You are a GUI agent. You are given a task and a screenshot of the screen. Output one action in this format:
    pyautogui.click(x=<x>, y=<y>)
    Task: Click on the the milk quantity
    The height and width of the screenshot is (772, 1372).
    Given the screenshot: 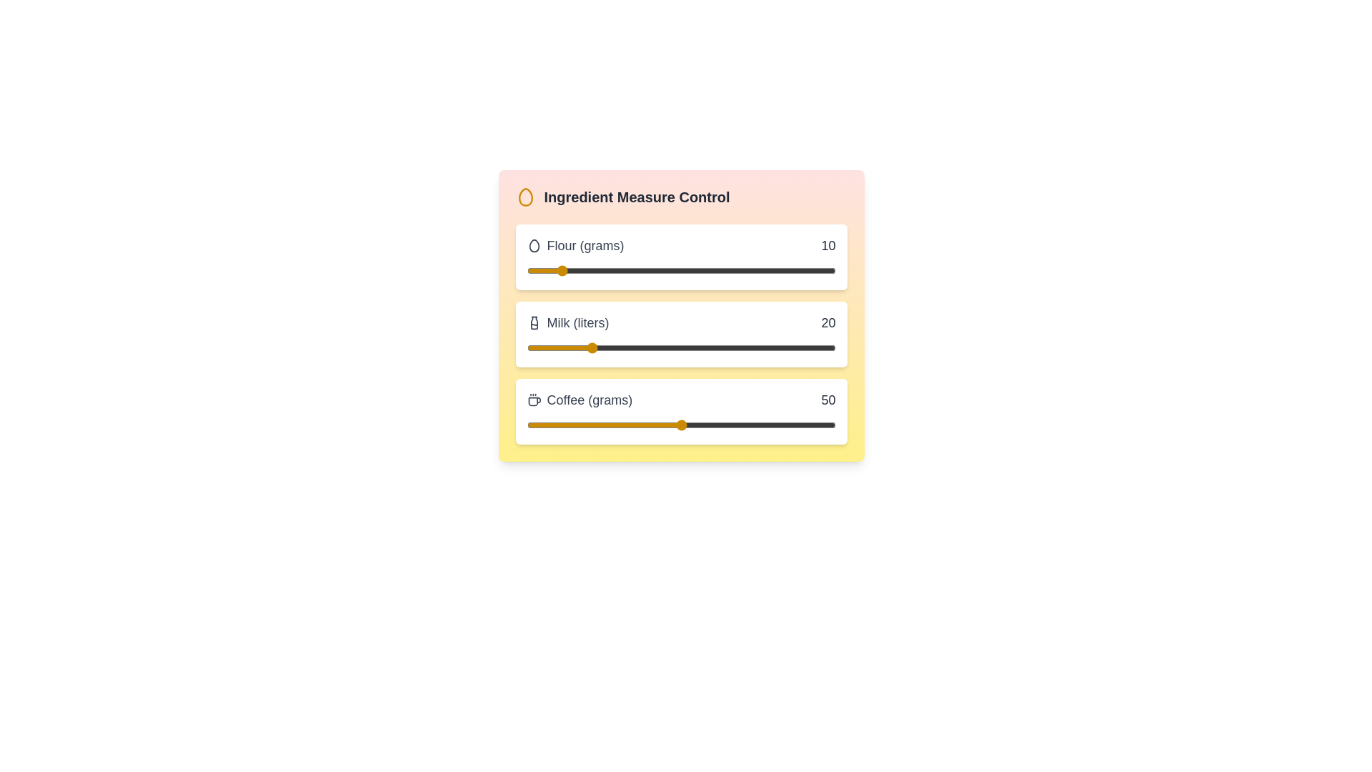 What is the action you would take?
    pyautogui.click(x=622, y=347)
    